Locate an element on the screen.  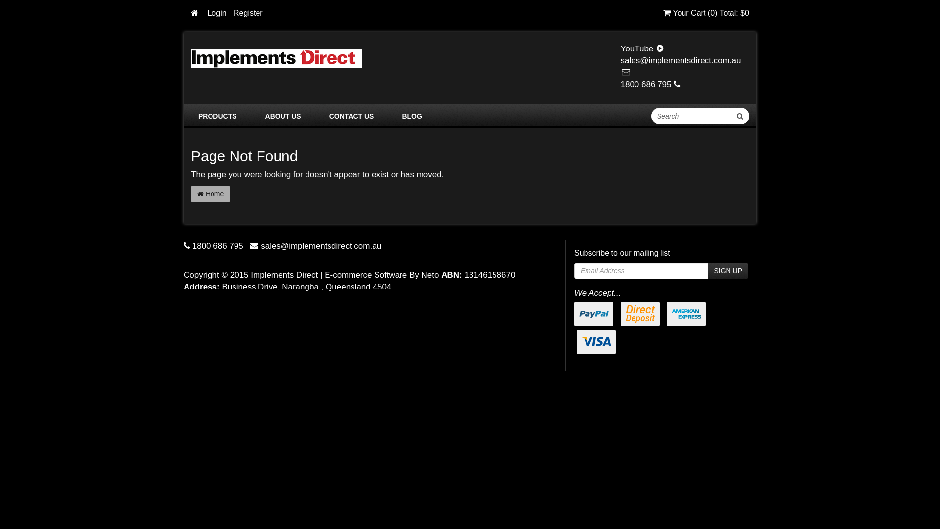
'Sign Up' is located at coordinates (707, 270).